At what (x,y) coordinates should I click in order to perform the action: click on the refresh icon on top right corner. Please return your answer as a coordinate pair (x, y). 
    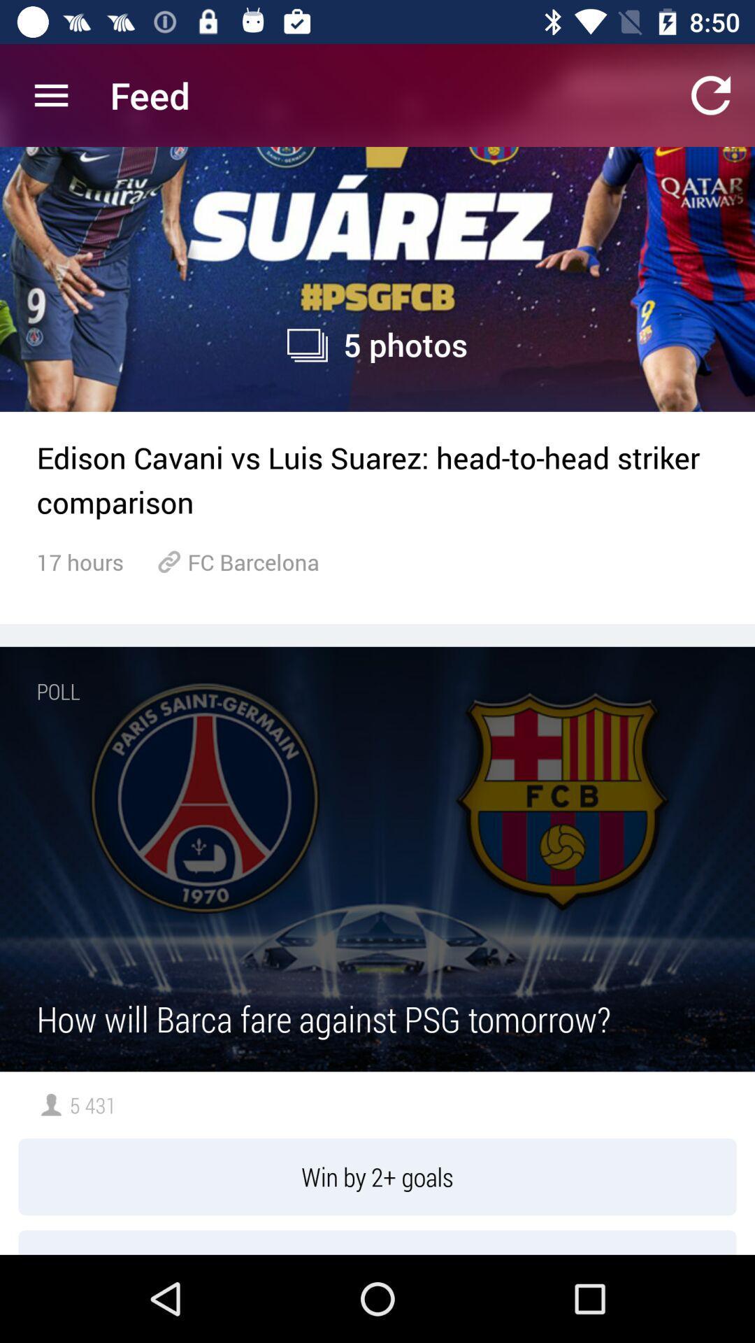
    Looking at the image, I should click on (711, 95).